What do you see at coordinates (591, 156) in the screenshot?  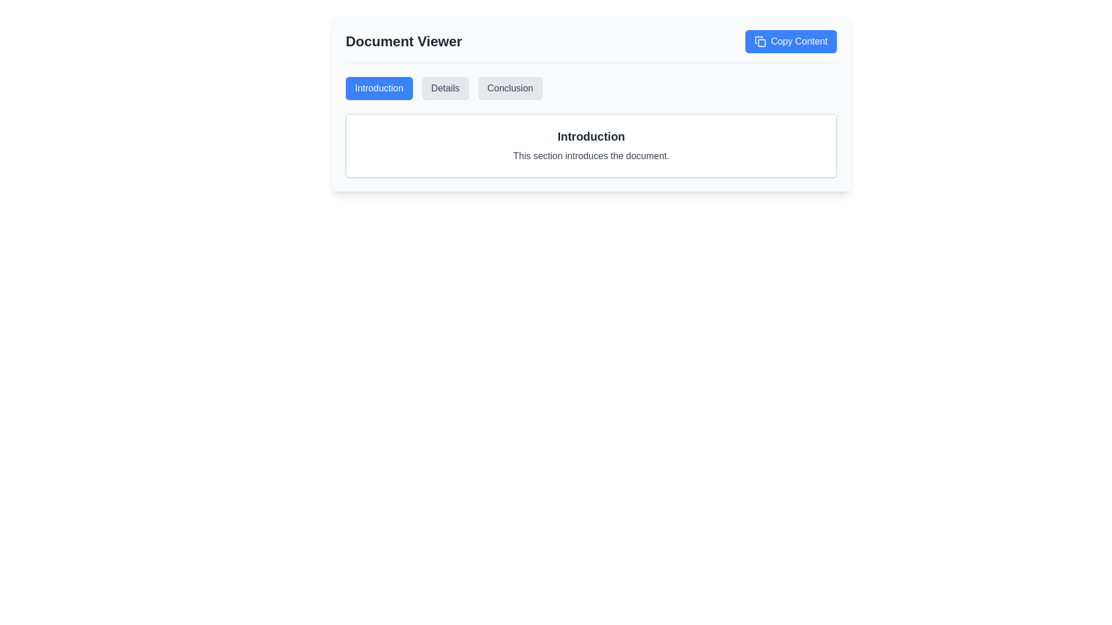 I see `descriptive text element located within the card, positioned directly below the header text 'Introduction'` at bounding box center [591, 156].